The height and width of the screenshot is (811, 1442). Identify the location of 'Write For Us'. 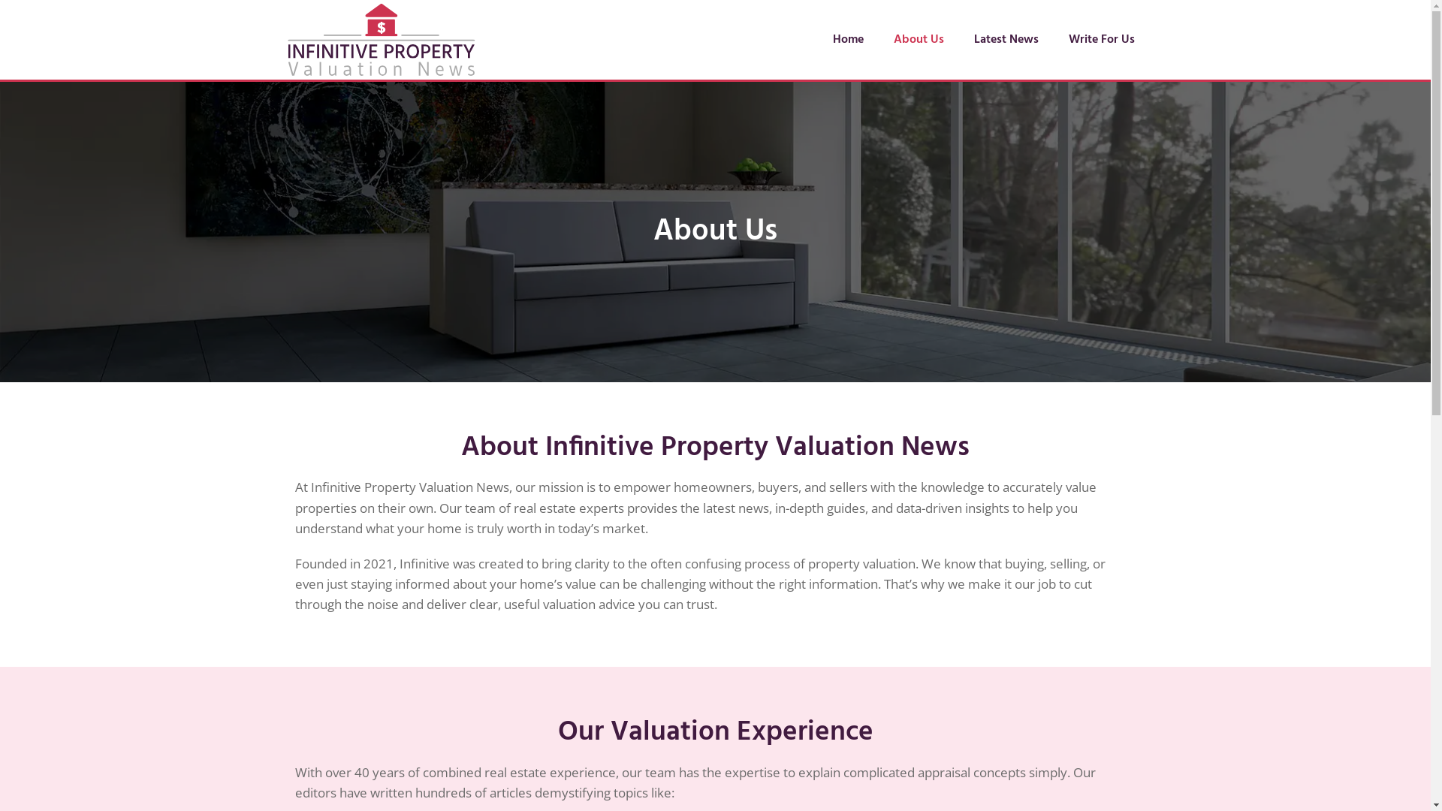
(1102, 39).